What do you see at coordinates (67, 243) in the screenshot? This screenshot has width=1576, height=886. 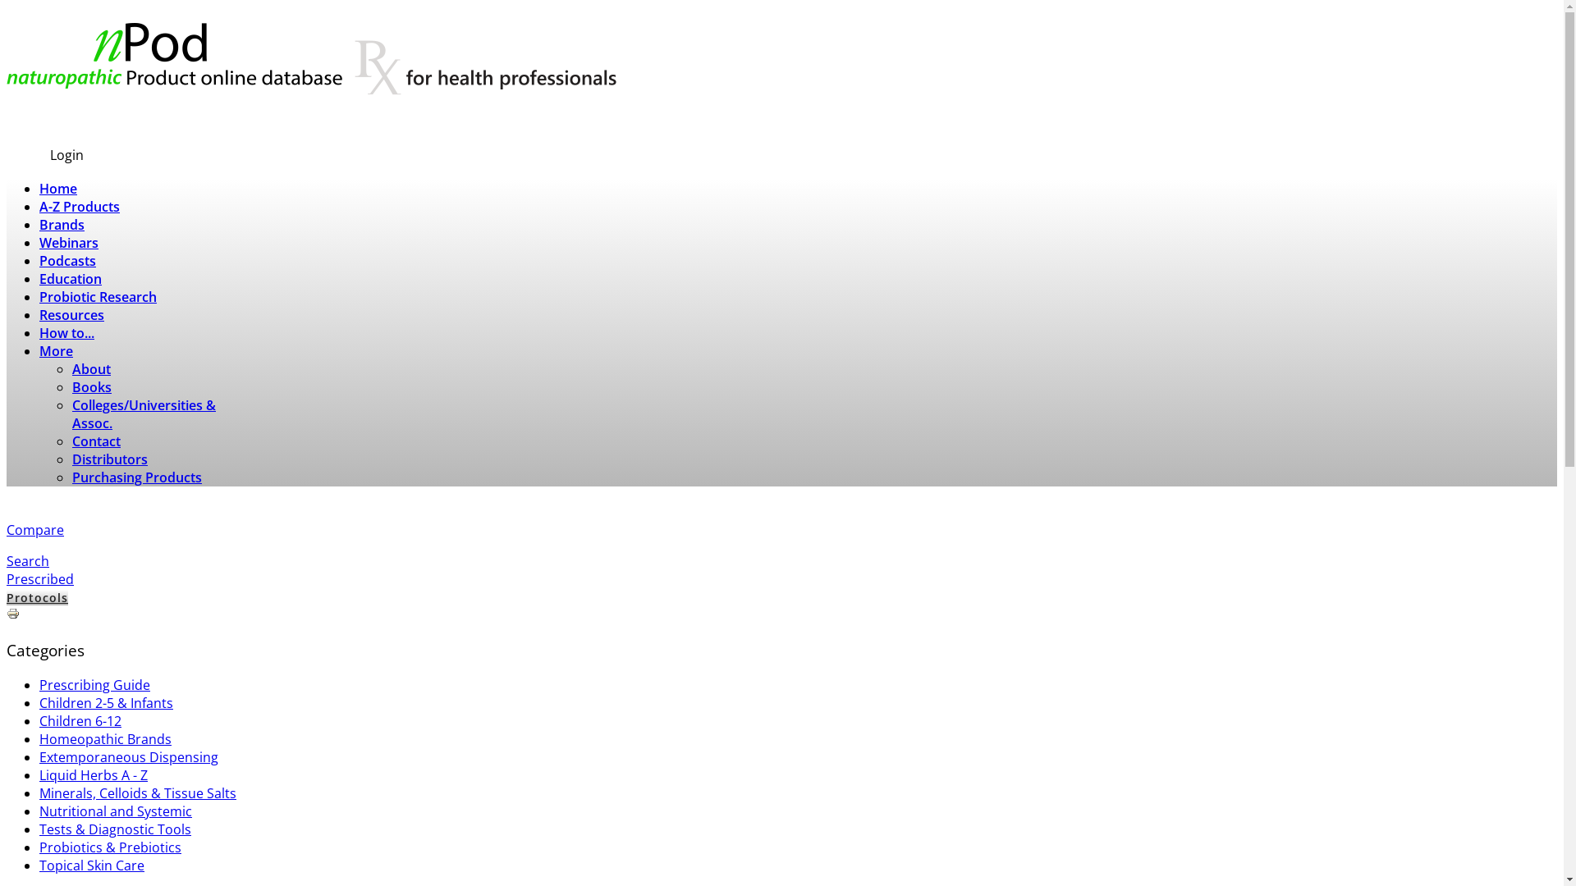 I see `'Webinars'` at bounding box center [67, 243].